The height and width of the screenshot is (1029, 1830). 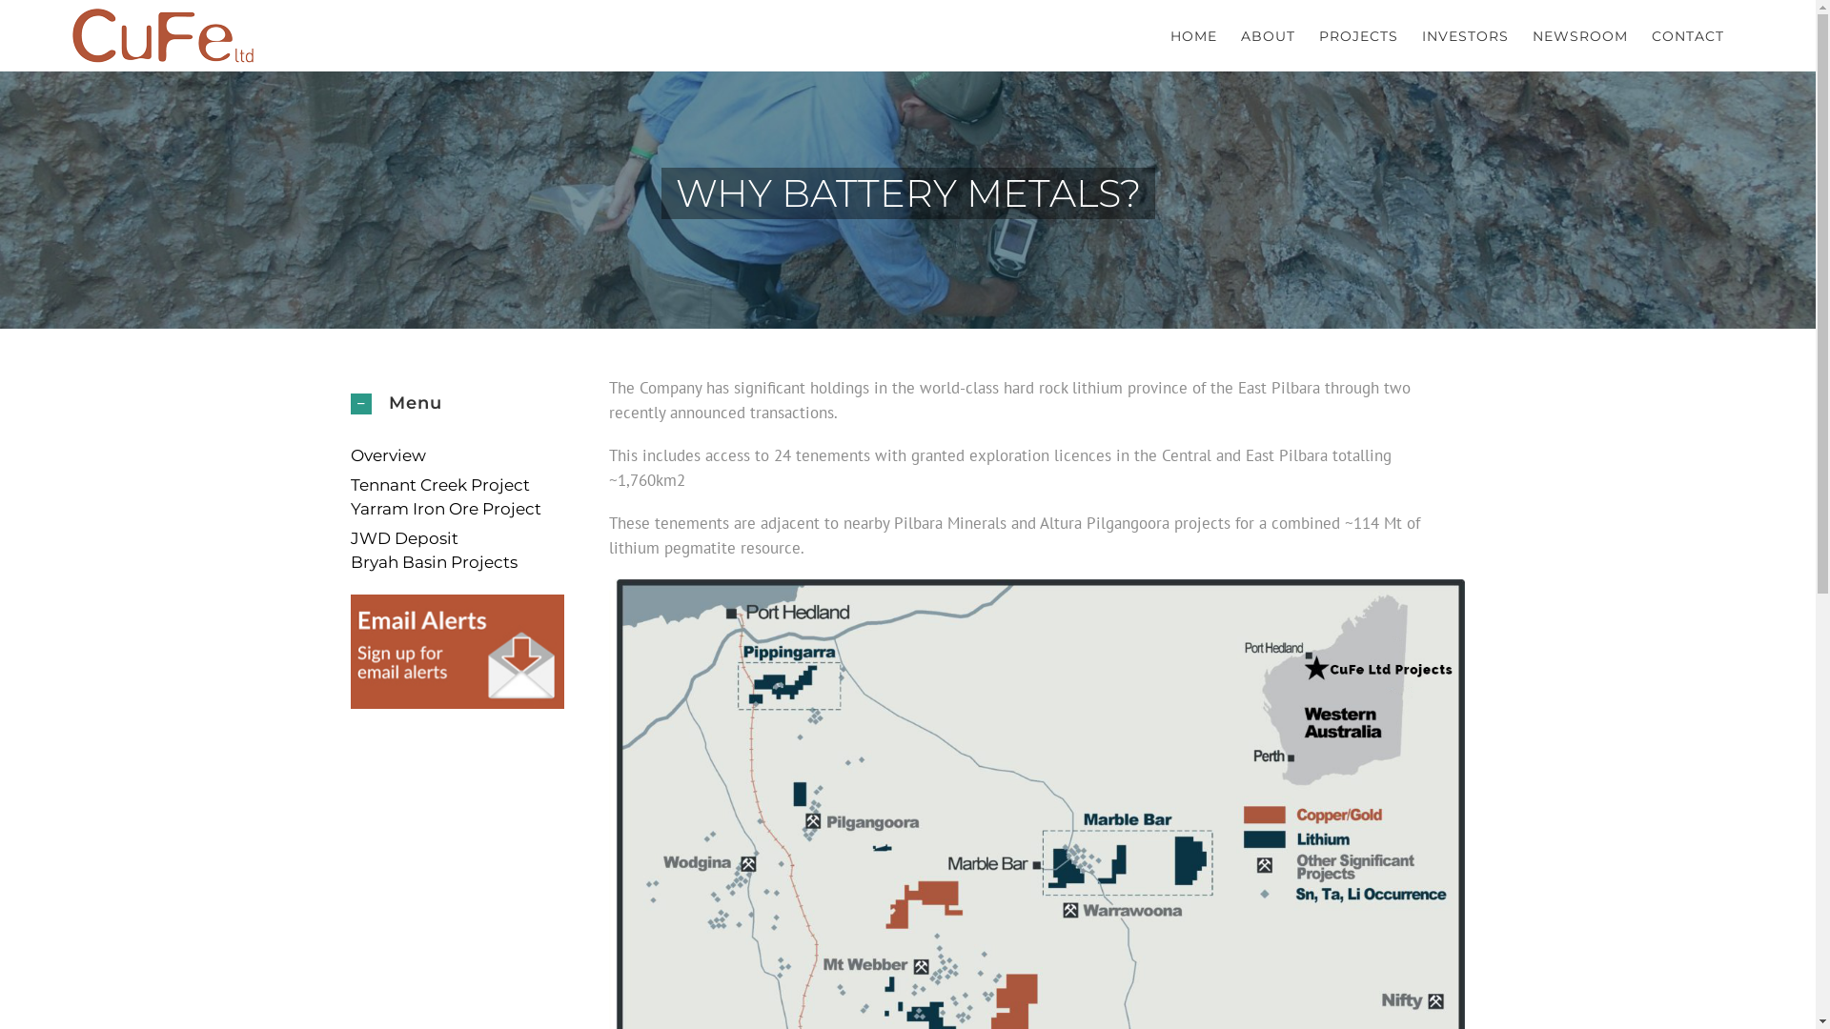 What do you see at coordinates (433, 561) in the screenshot?
I see `'Bryah Basin Projects'` at bounding box center [433, 561].